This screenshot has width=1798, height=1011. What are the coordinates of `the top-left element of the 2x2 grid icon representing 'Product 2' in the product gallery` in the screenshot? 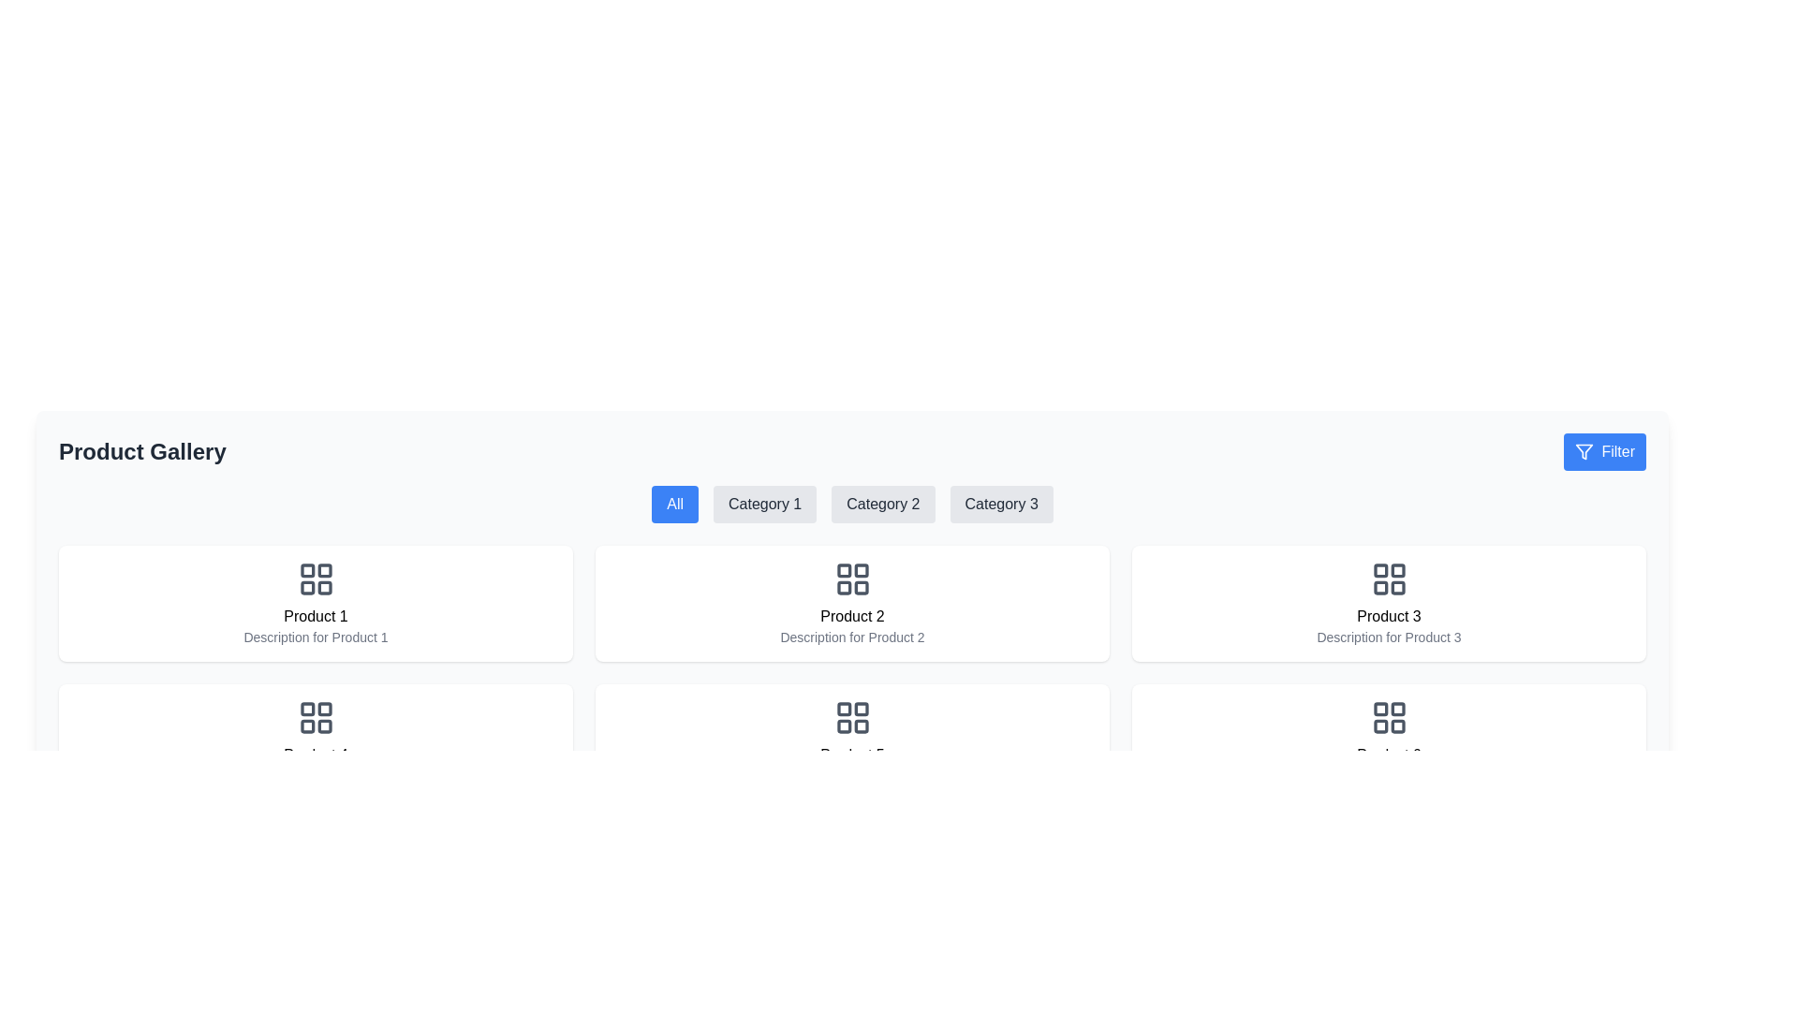 It's located at (843, 569).